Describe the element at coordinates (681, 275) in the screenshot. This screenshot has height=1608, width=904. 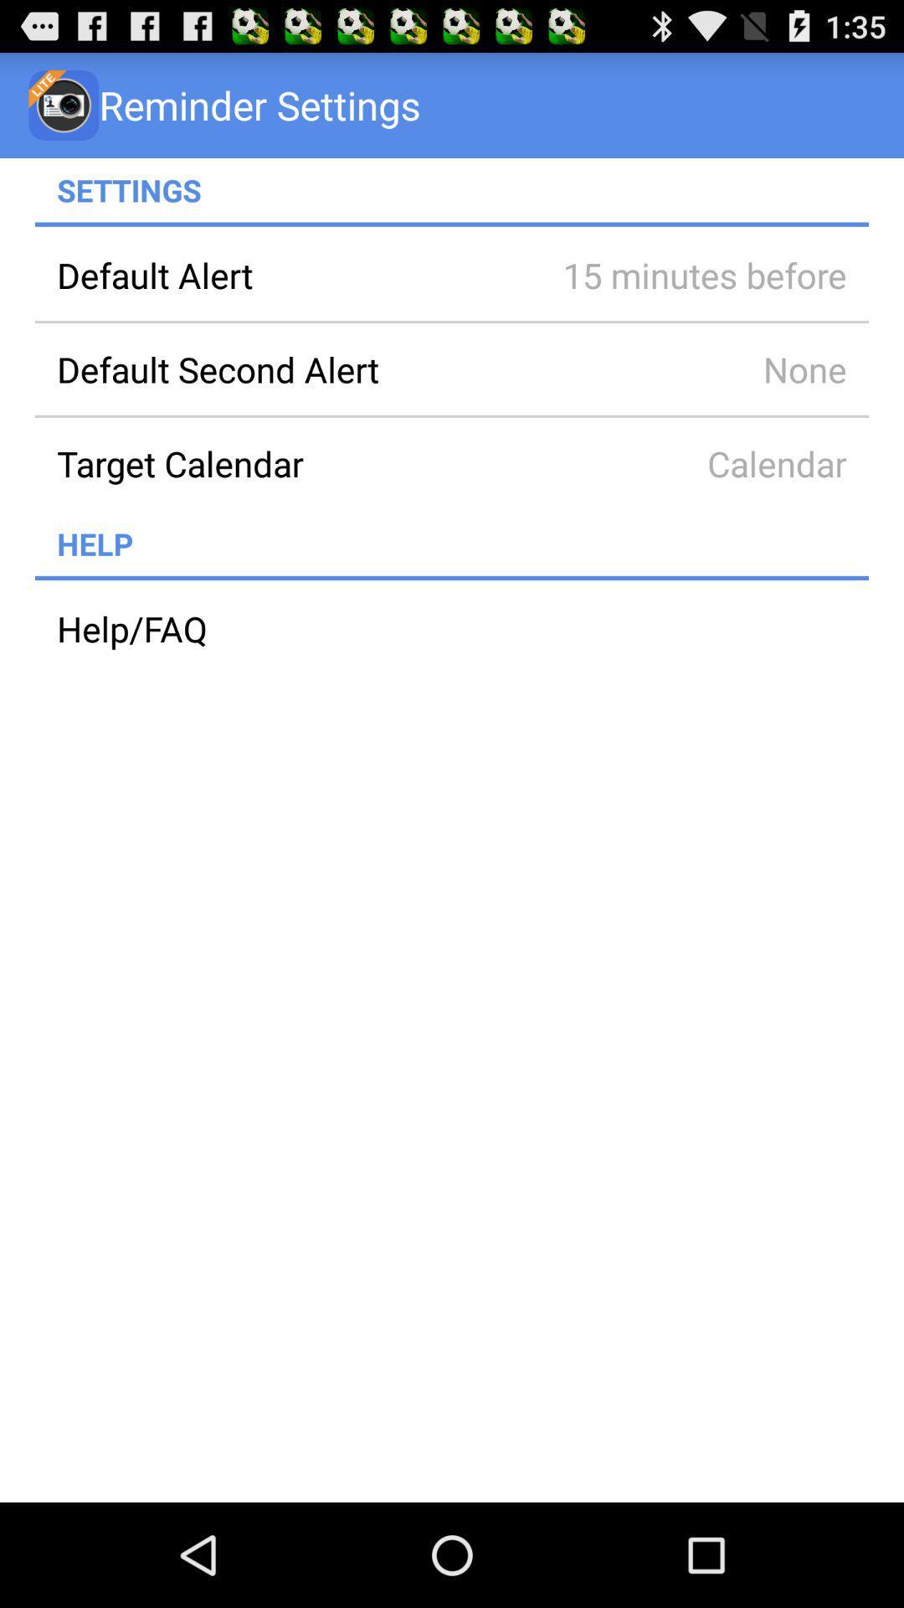
I see `the item next to default alert app` at that location.